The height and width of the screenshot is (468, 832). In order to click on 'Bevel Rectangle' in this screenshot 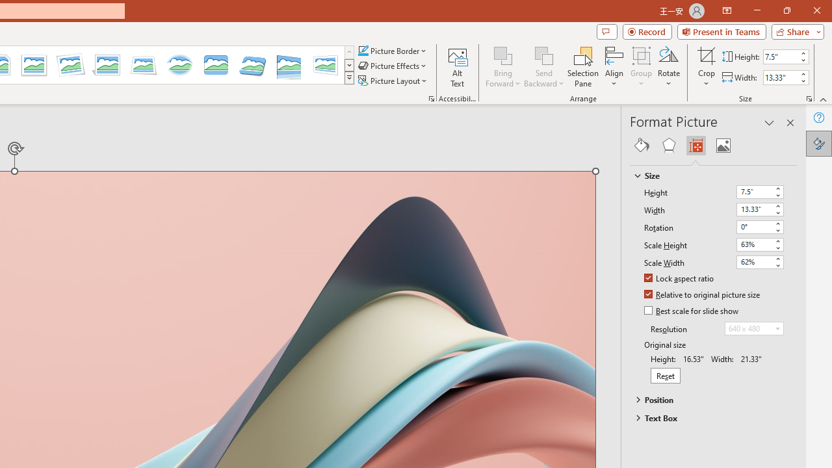, I will do `click(216, 65)`.